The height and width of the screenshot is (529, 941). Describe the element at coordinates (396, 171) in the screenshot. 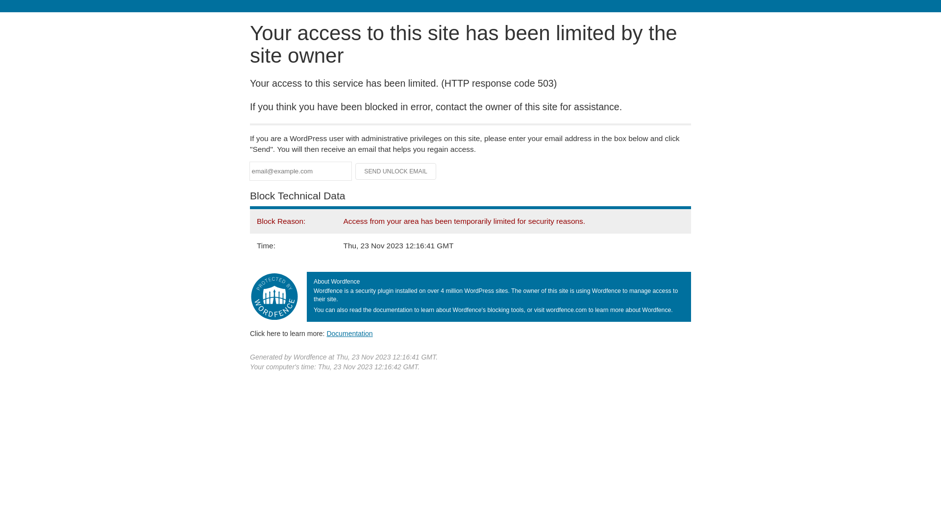

I see `'Send Unlock Email'` at that location.